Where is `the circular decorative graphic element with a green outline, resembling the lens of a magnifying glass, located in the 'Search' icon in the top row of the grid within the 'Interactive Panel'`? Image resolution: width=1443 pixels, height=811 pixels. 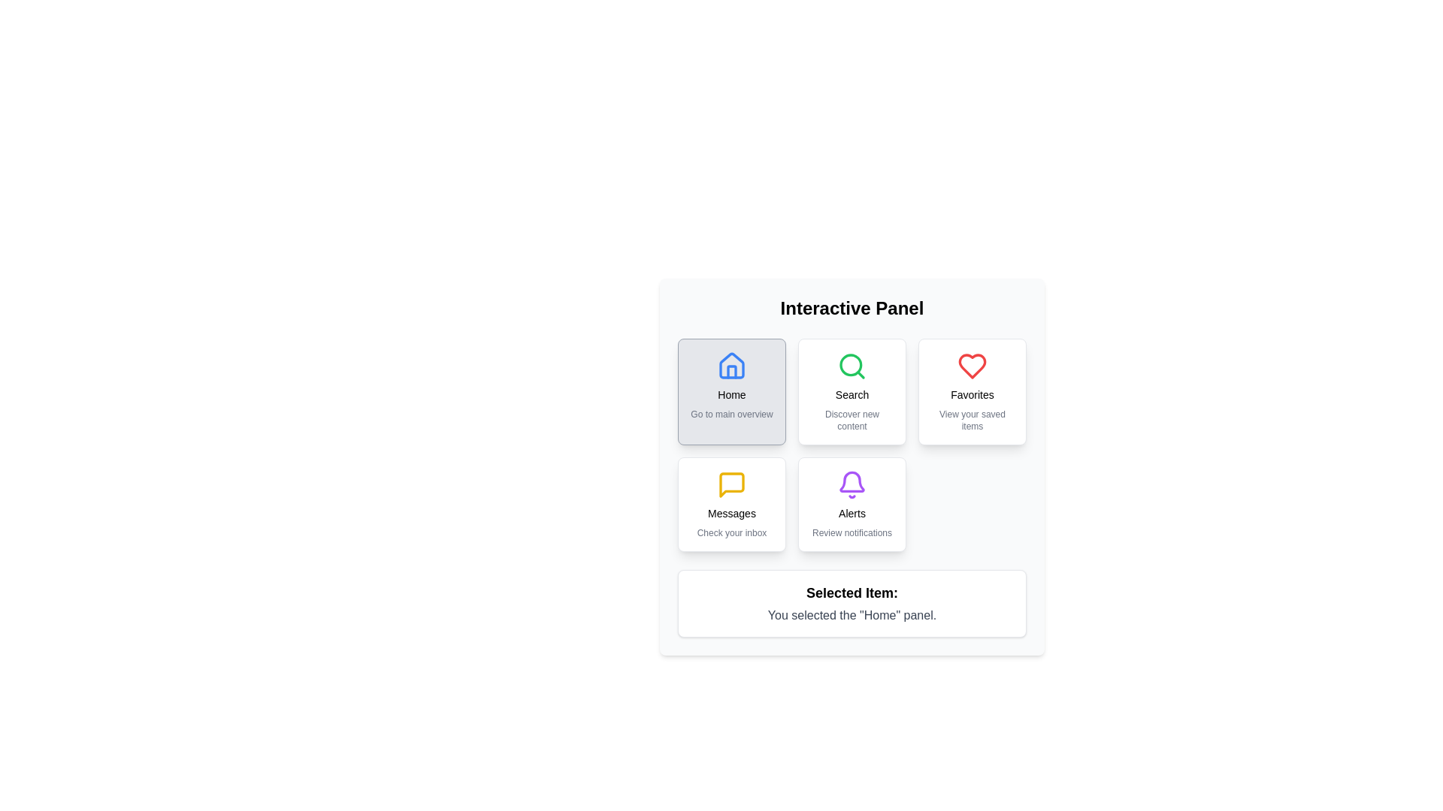
the circular decorative graphic element with a green outline, resembling the lens of a magnifying glass, located in the 'Search' icon in the top row of the grid within the 'Interactive Panel' is located at coordinates (851, 365).